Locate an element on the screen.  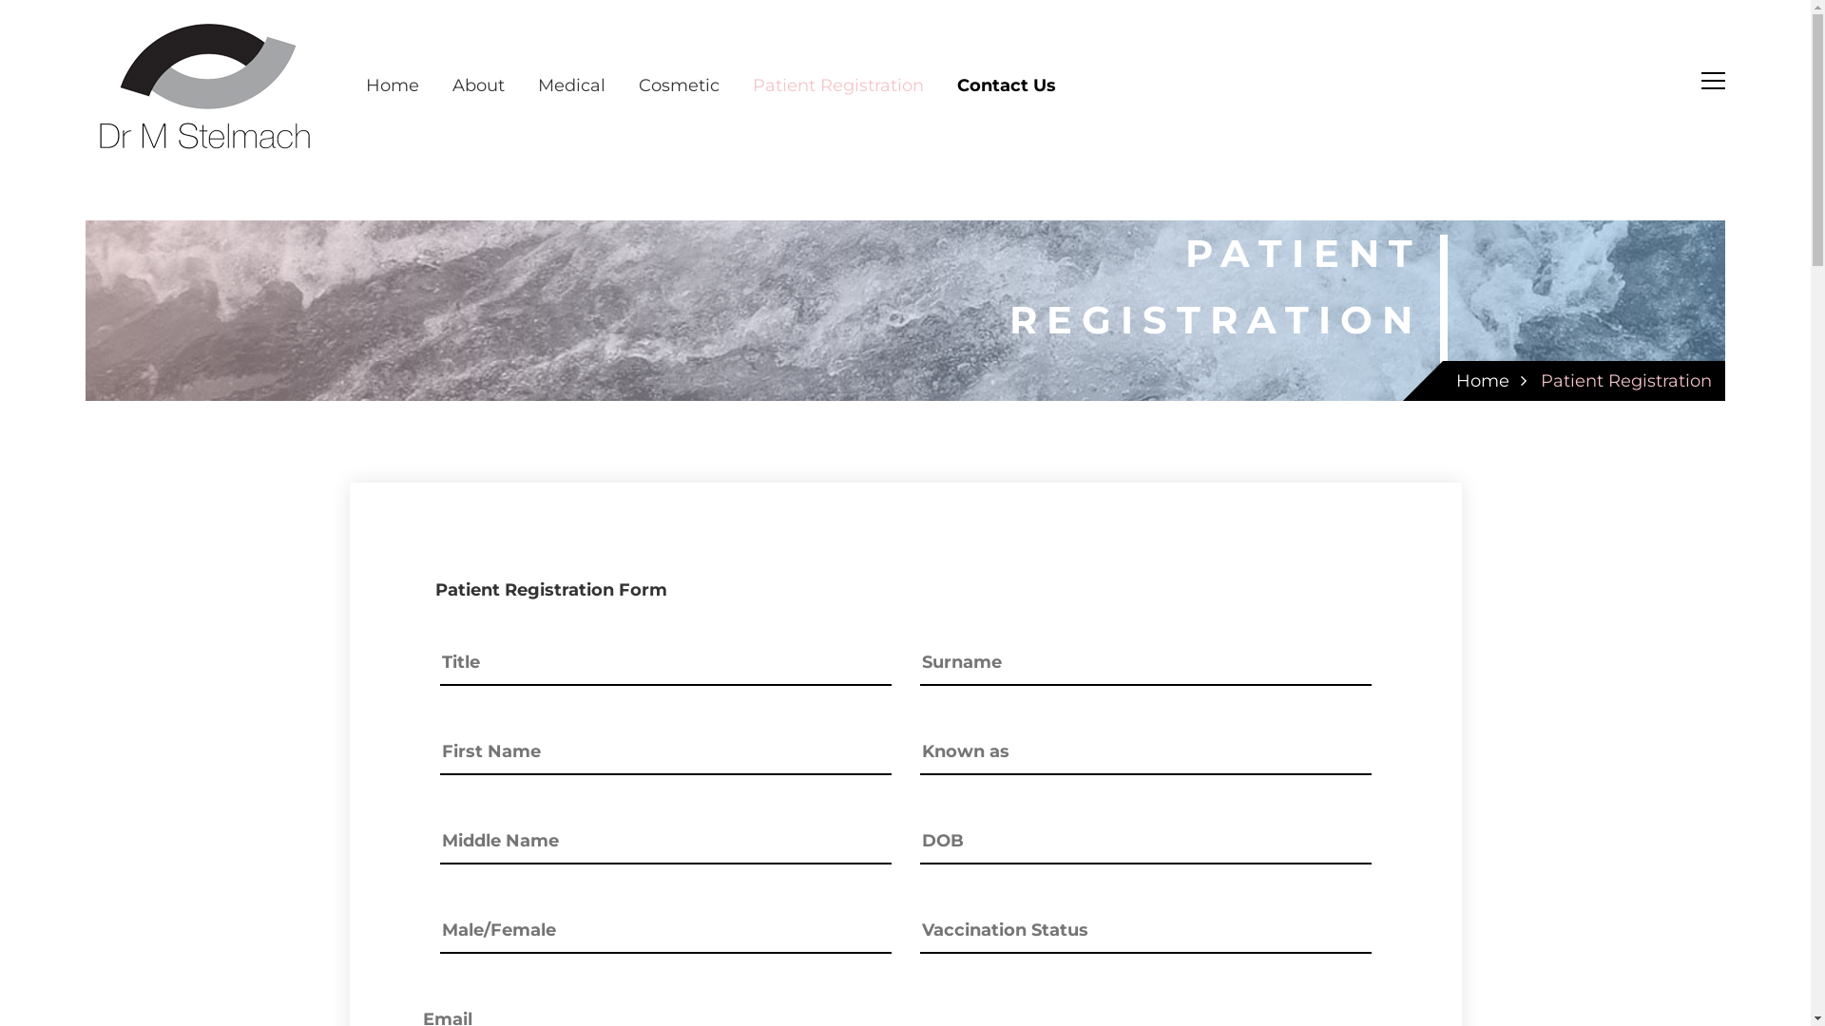
'Cosmetic' is located at coordinates (679, 84).